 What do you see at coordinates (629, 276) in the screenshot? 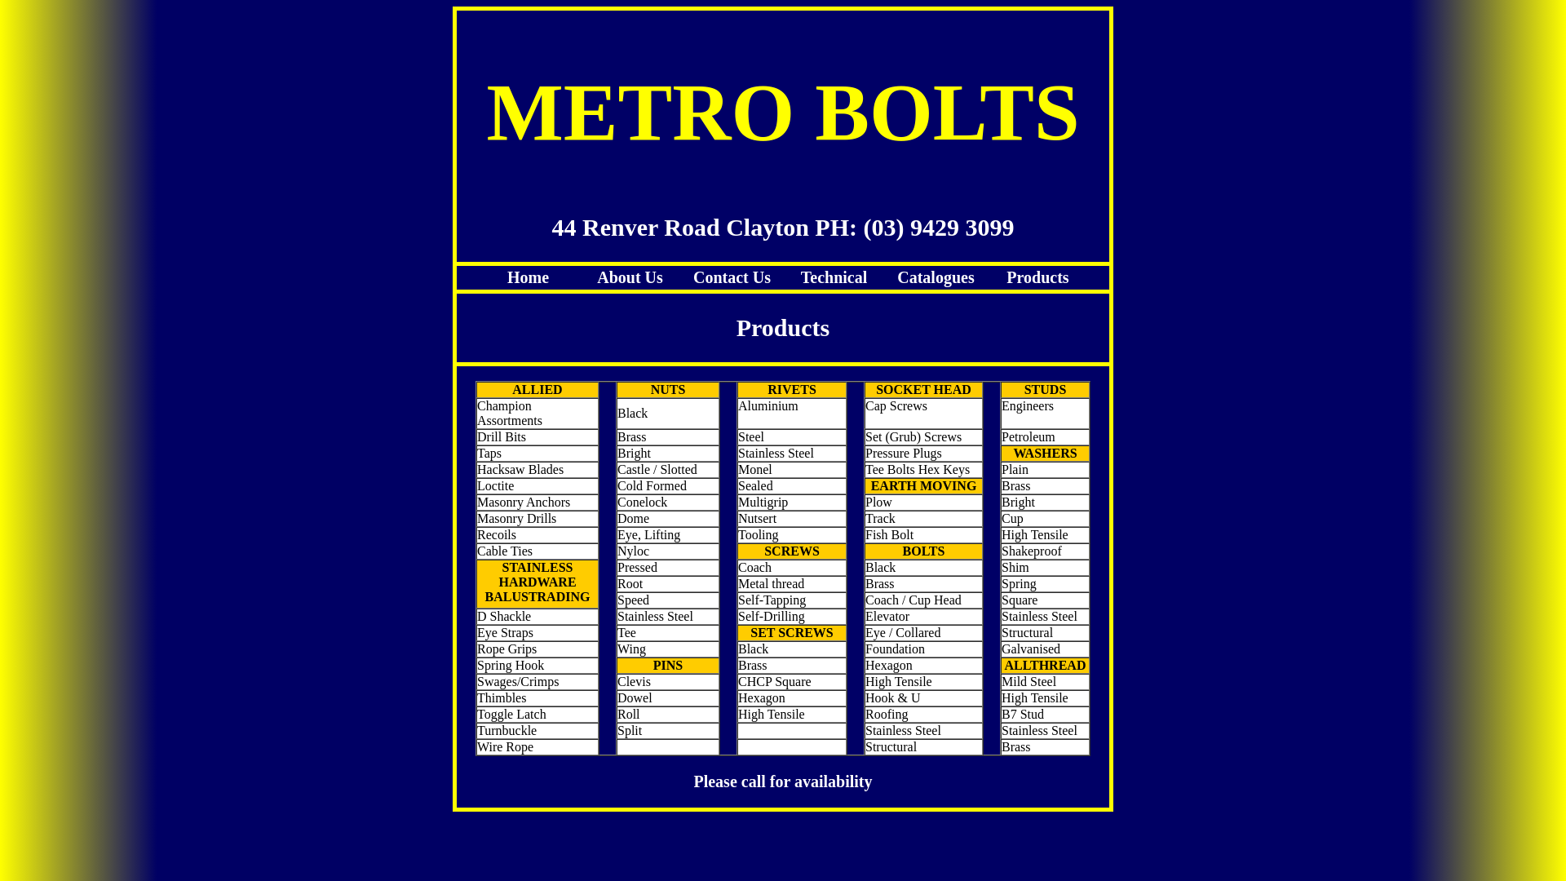
I see `'About Us'` at bounding box center [629, 276].